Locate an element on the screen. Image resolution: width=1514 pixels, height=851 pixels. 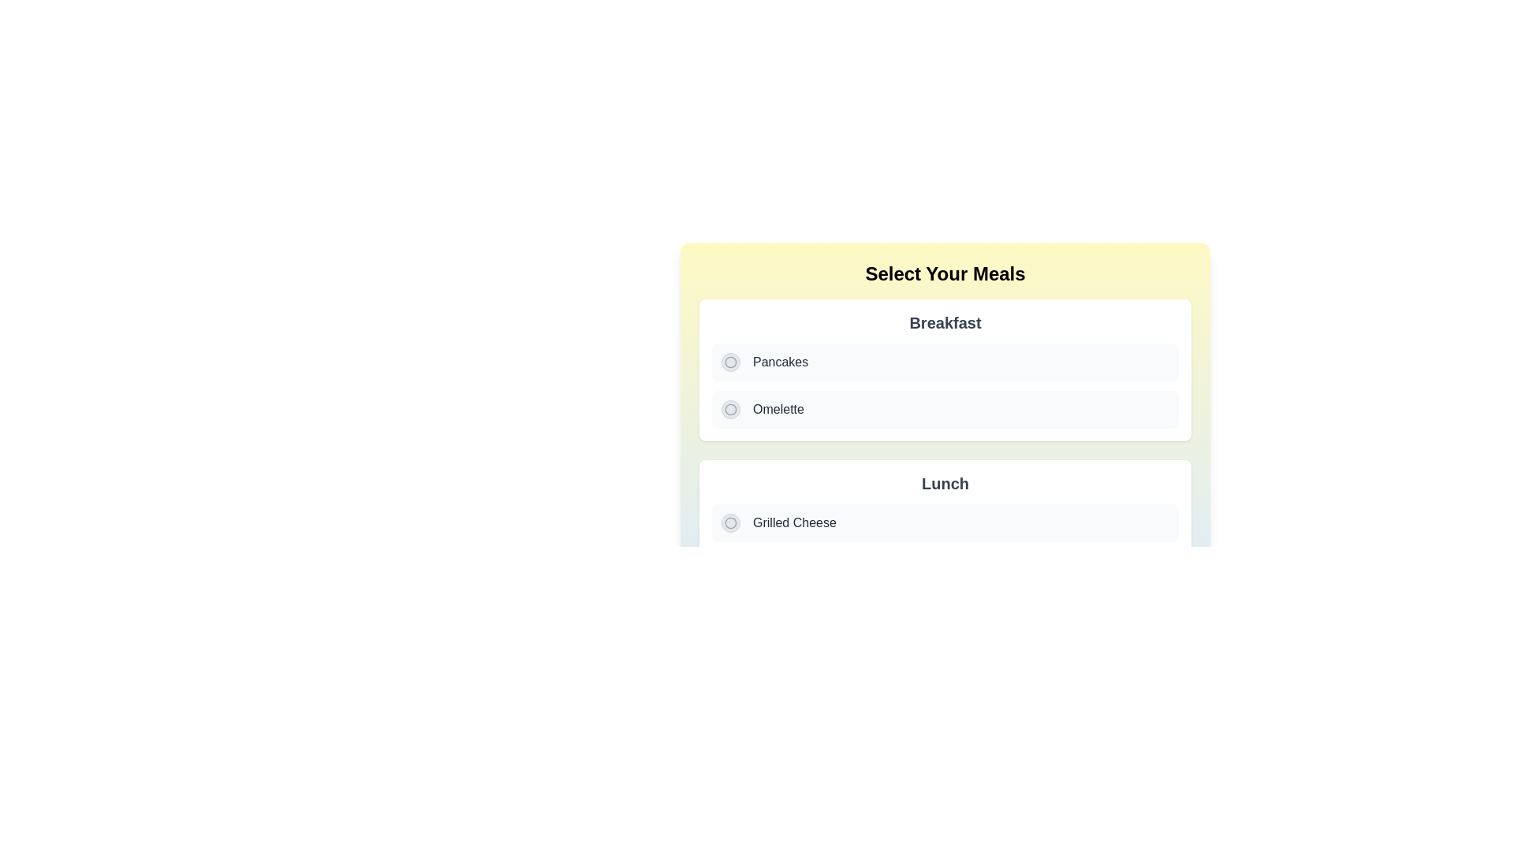
the 'Pancakes' label is located at coordinates (781, 362).